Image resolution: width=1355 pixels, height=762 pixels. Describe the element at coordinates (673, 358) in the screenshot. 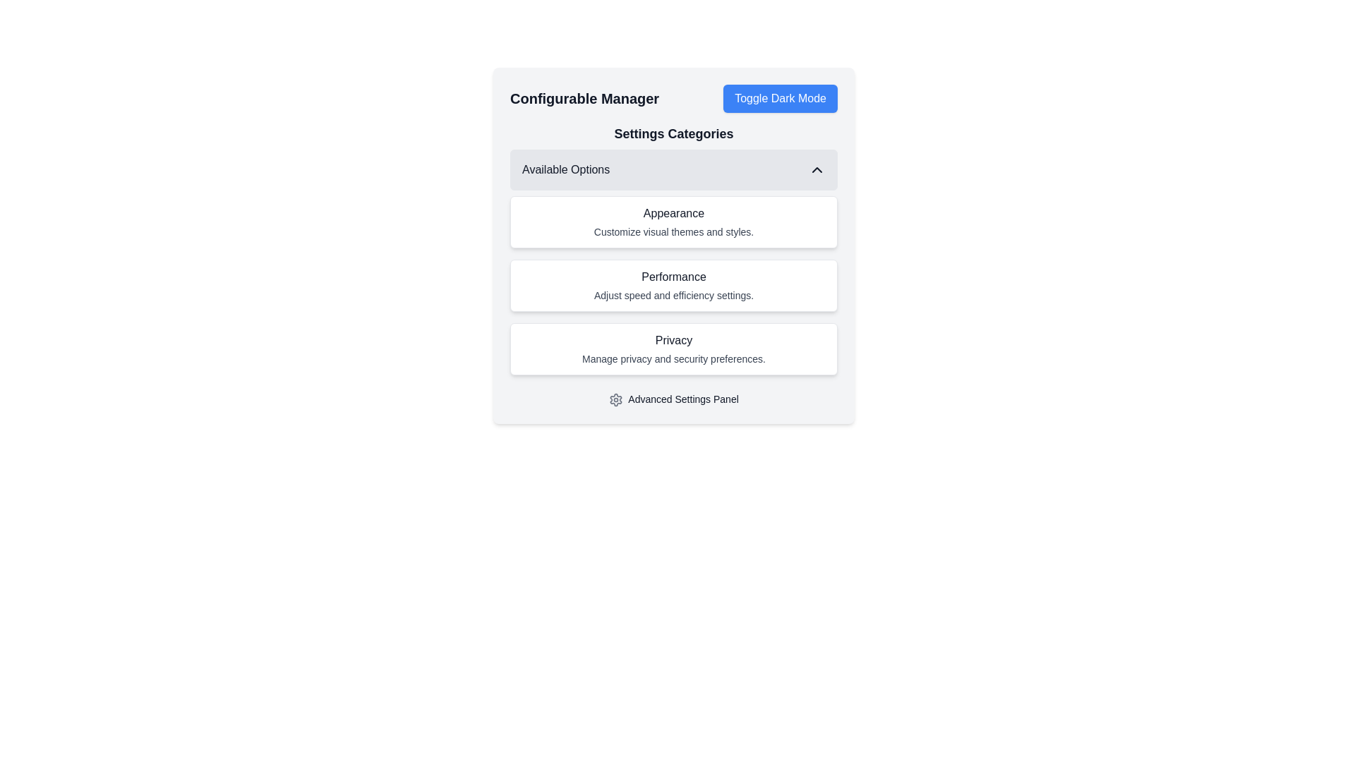

I see `the text element 'Manage privacy and security preferences.' which is located beneath the heading 'Privacy' in the 'Settings Categories' section` at that location.